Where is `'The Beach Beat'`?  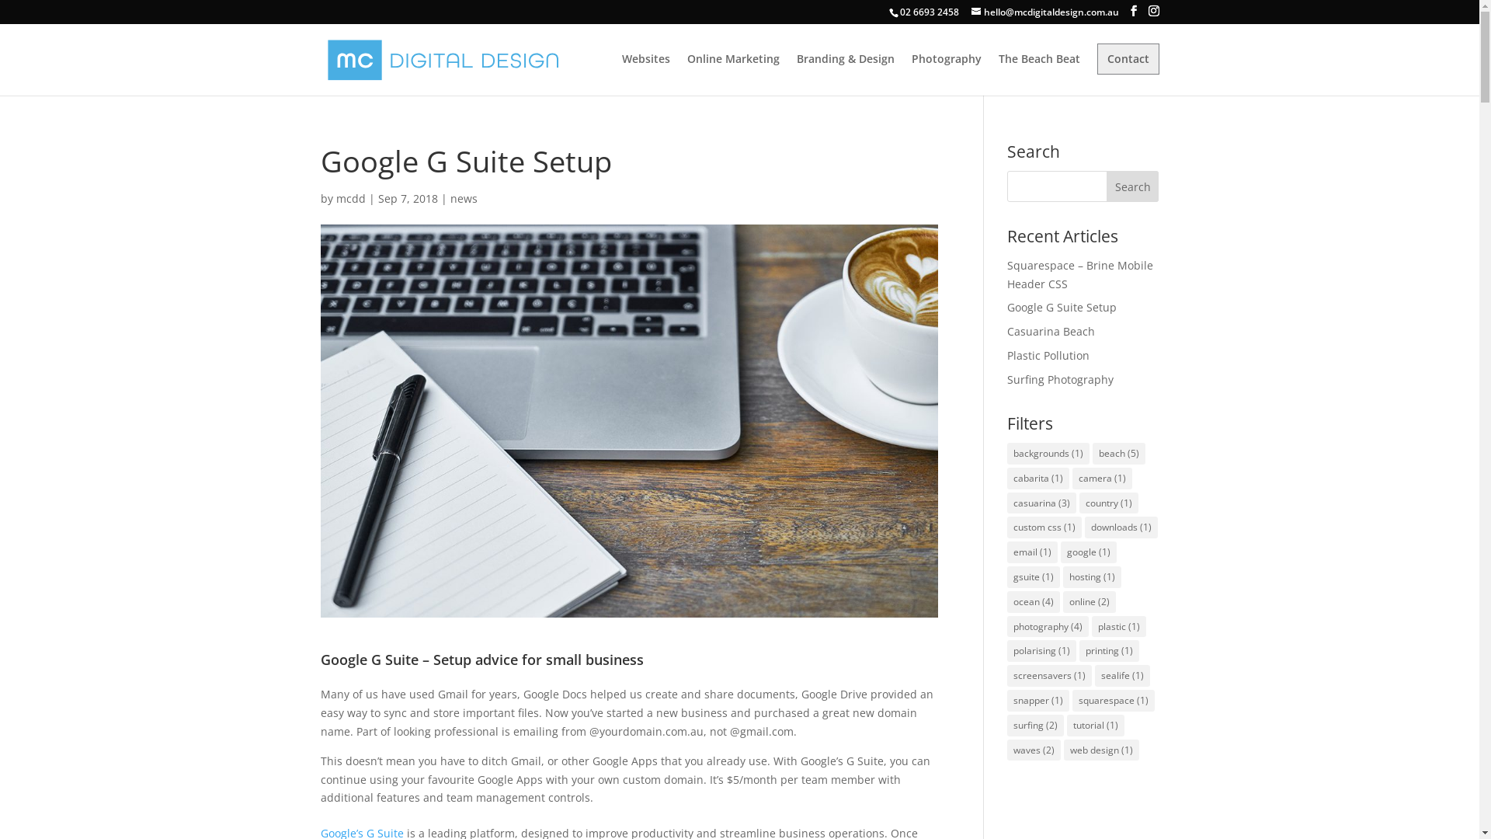 'The Beach Beat' is located at coordinates (1039, 75).